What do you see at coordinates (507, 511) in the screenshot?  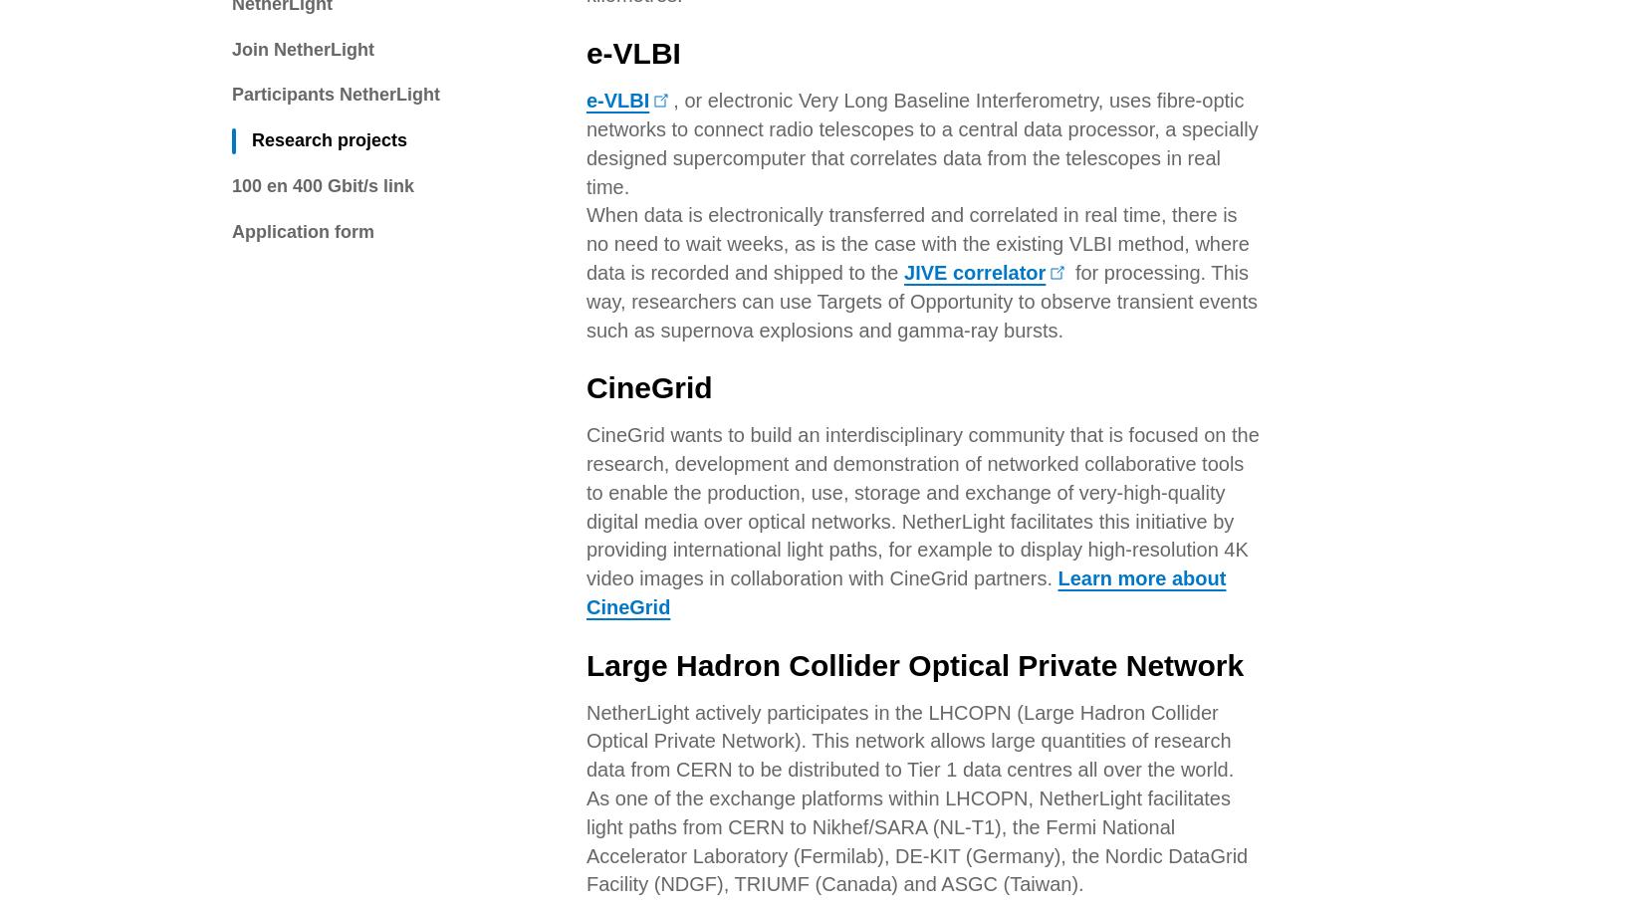 I see `'Expert group Networks'` at bounding box center [507, 511].